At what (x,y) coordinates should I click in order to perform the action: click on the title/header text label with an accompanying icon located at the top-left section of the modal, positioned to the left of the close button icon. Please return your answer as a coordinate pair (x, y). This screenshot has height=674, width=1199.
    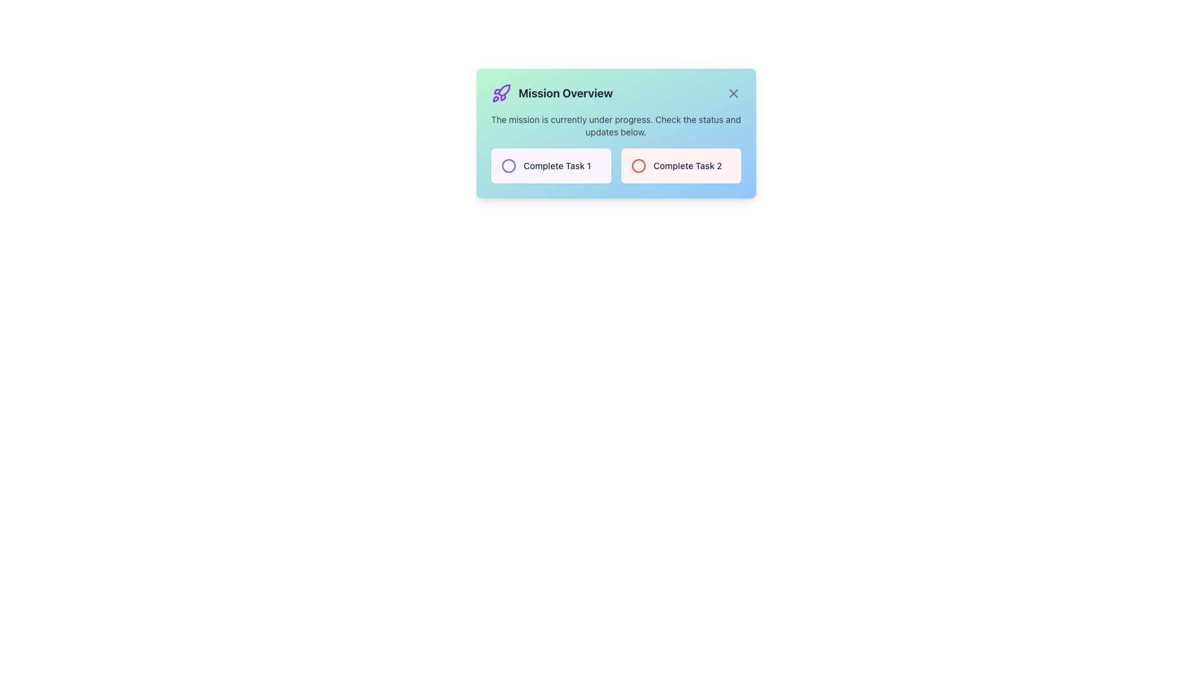
    Looking at the image, I should click on (551, 93).